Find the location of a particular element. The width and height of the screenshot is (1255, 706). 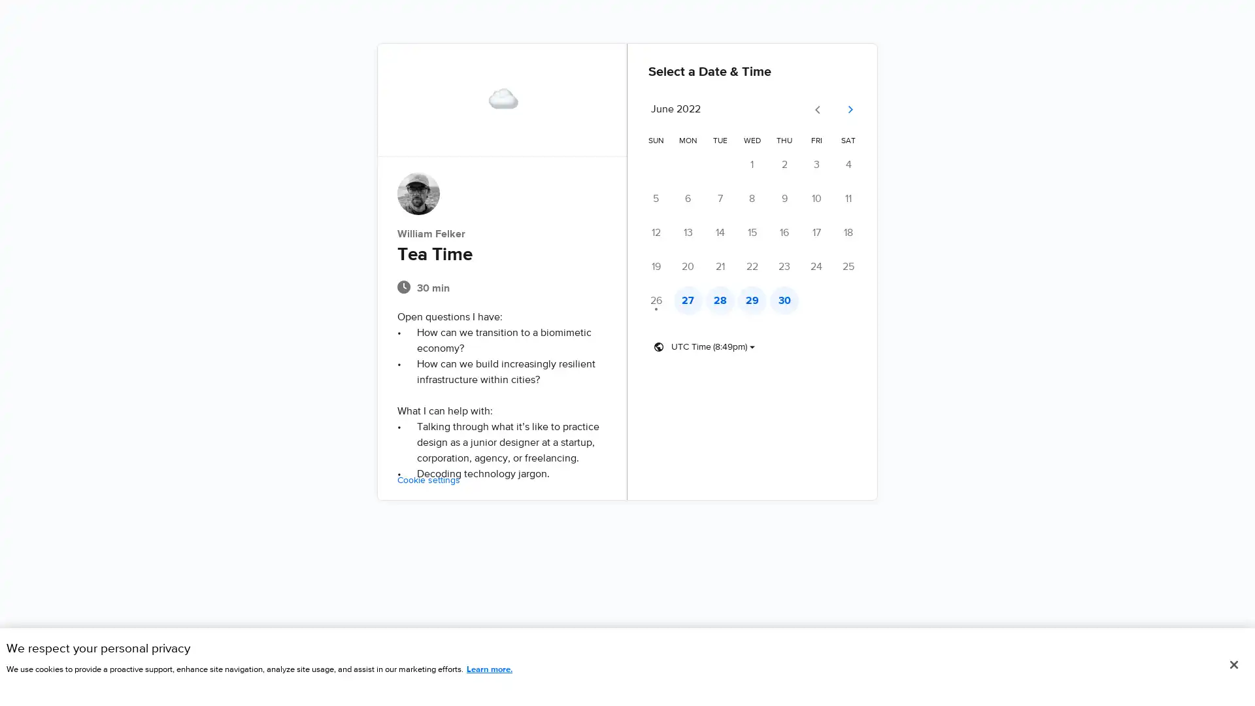

Saturday, June 4 - No times available is located at coordinates (859, 163).